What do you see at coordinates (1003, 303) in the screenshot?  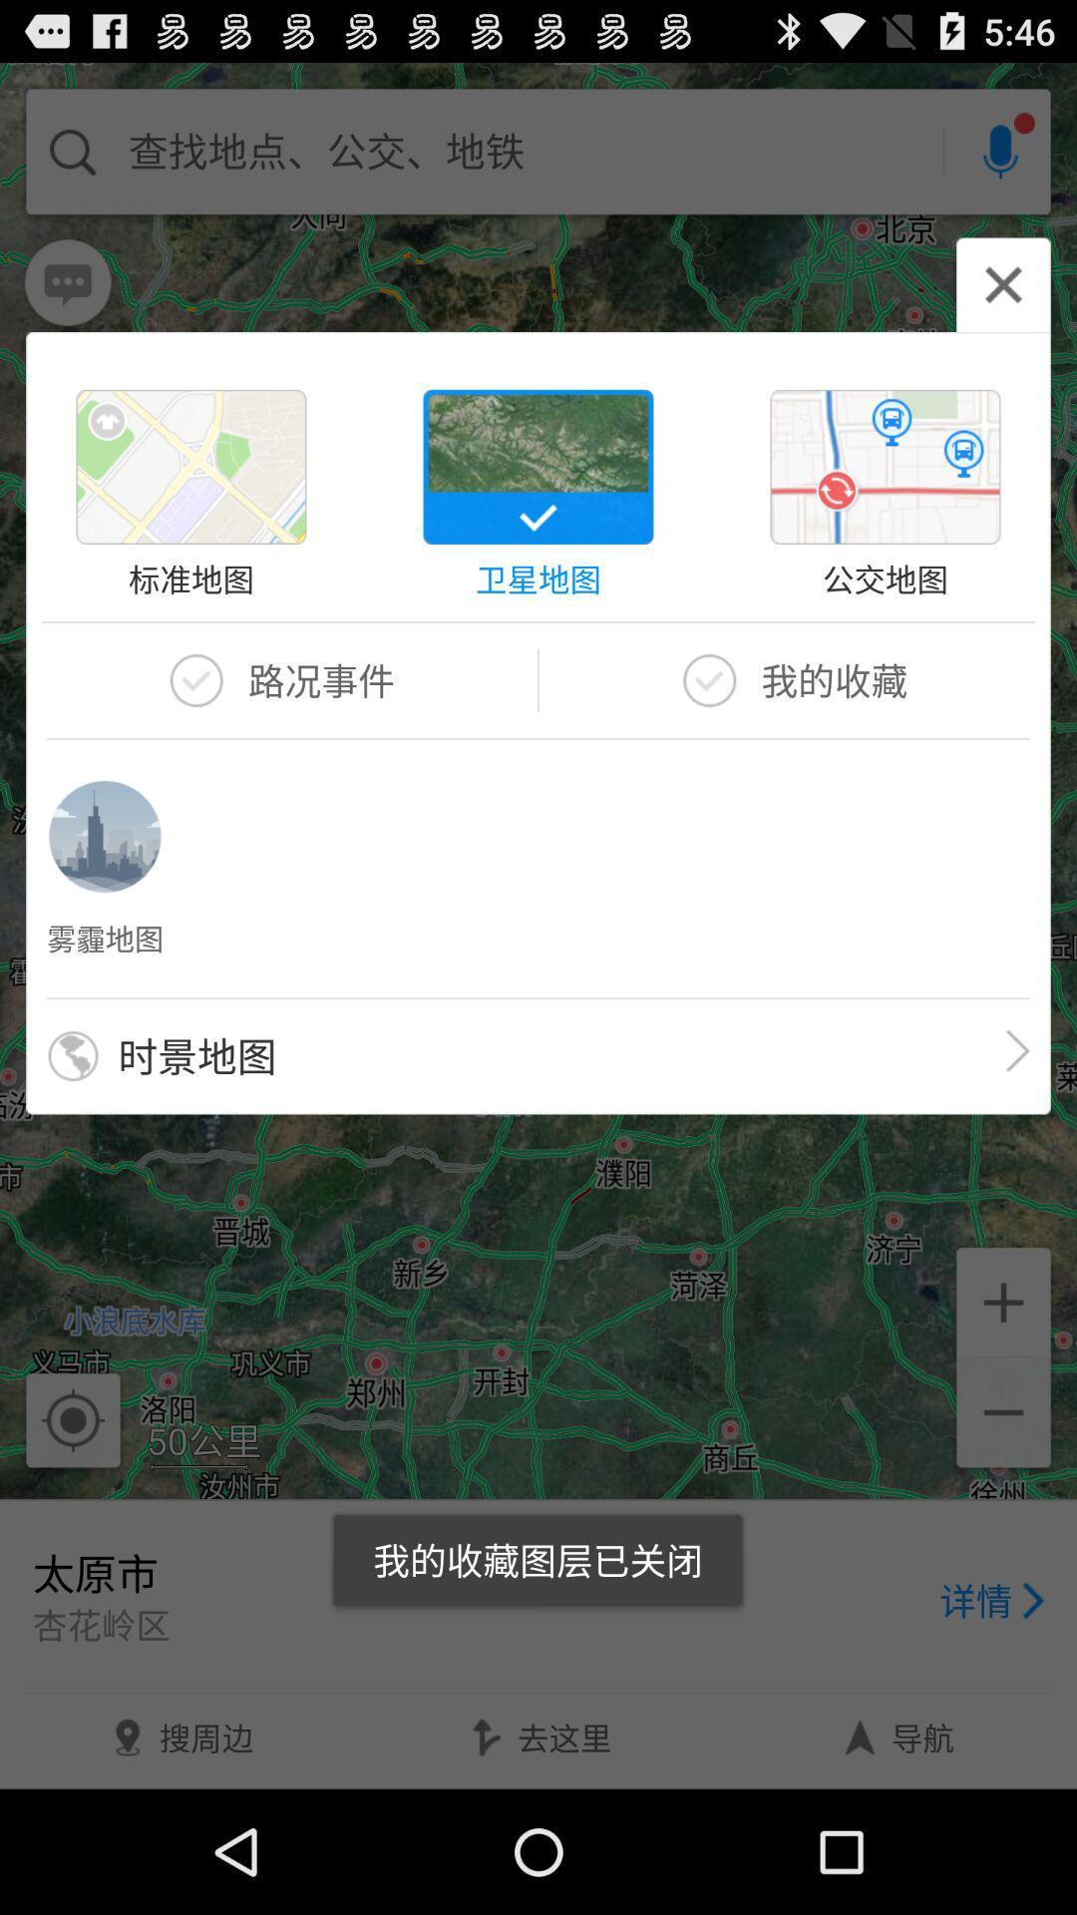 I see `the close icon` at bounding box center [1003, 303].